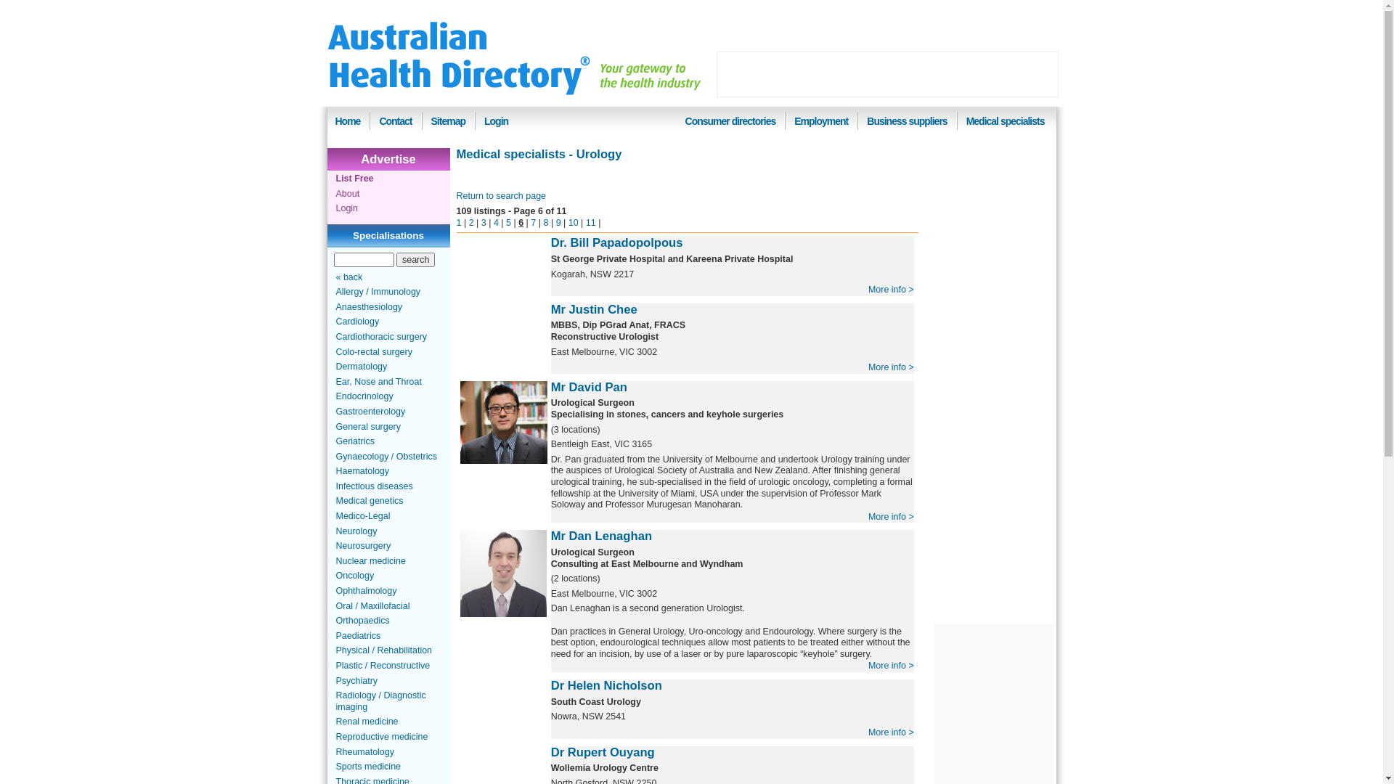 This screenshot has height=784, width=1394. Describe the element at coordinates (362, 621) in the screenshot. I see `'Orthopaedics'` at that location.